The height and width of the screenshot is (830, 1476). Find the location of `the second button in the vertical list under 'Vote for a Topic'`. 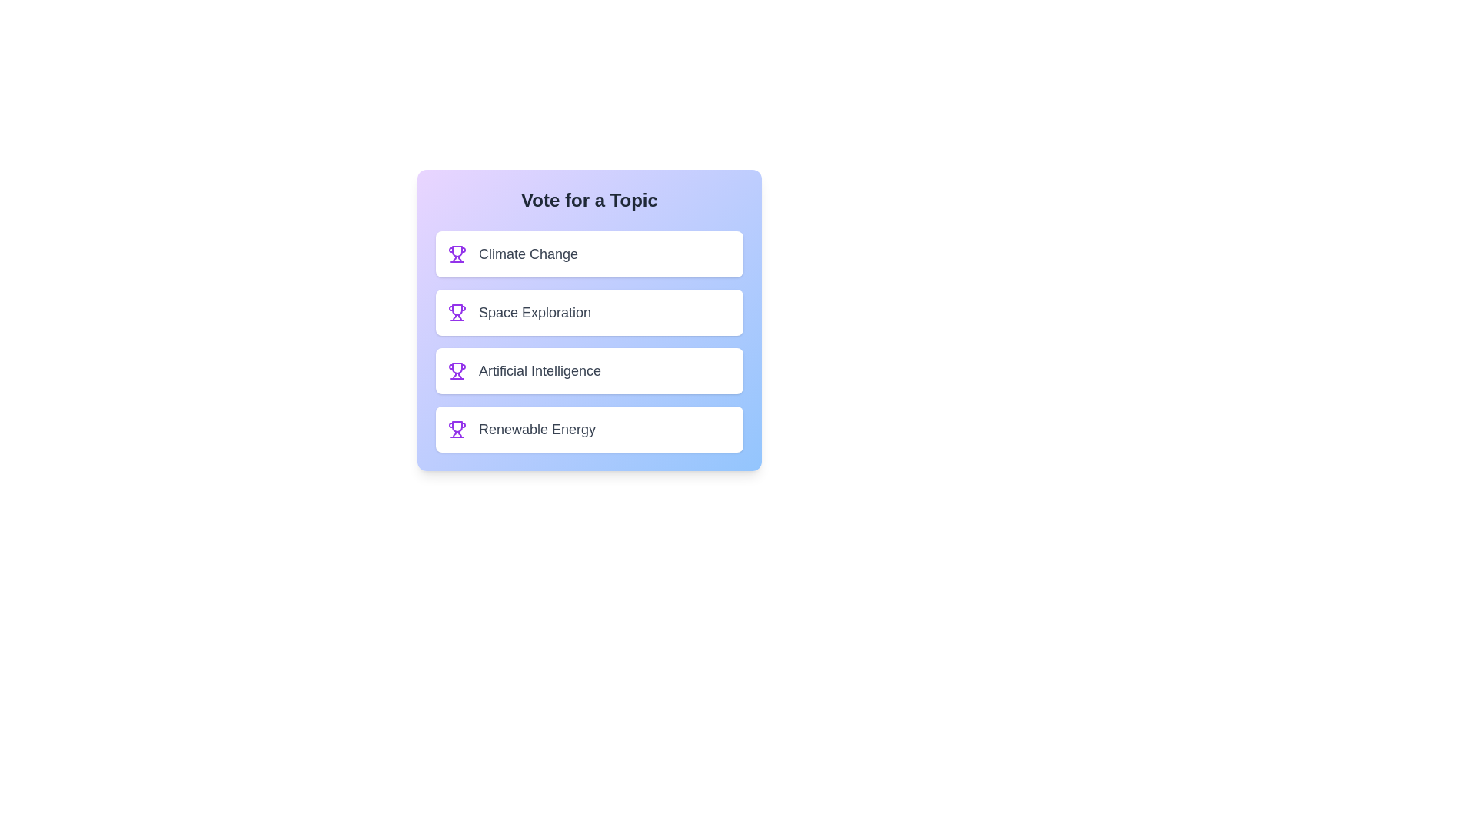

the second button in the vertical list under 'Vote for a Topic' is located at coordinates (589, 319).